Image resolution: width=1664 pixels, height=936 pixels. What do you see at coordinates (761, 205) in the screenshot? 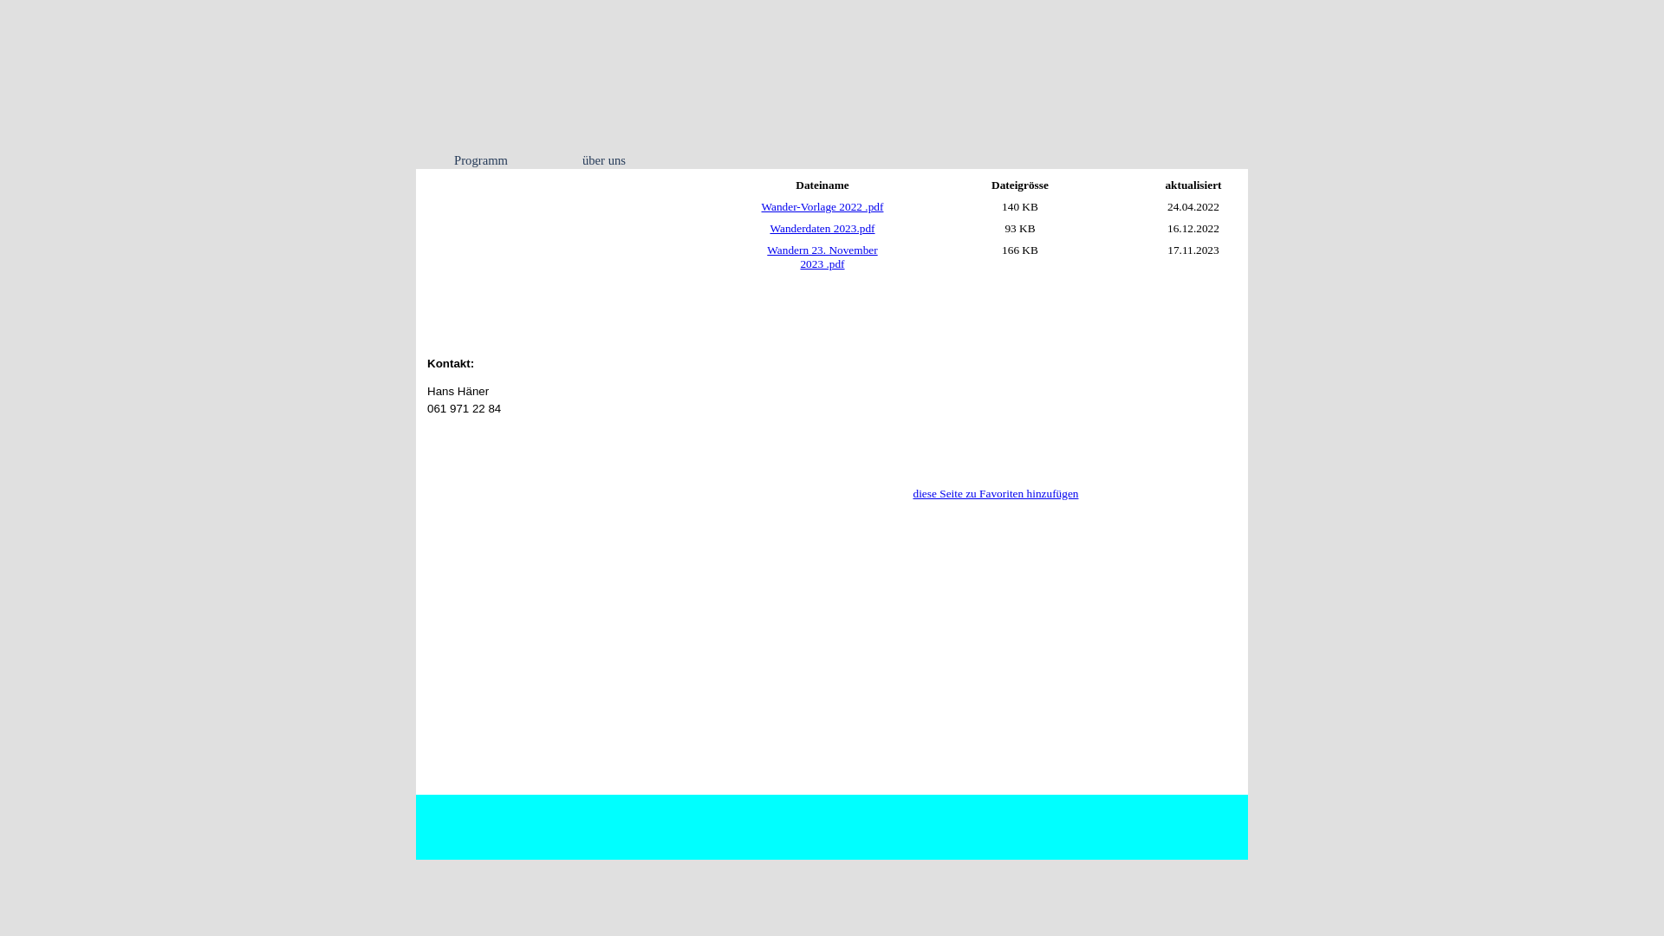
I see `'Wander-Vorlage 2022 .pdf'` at bounding box center [761, 205].